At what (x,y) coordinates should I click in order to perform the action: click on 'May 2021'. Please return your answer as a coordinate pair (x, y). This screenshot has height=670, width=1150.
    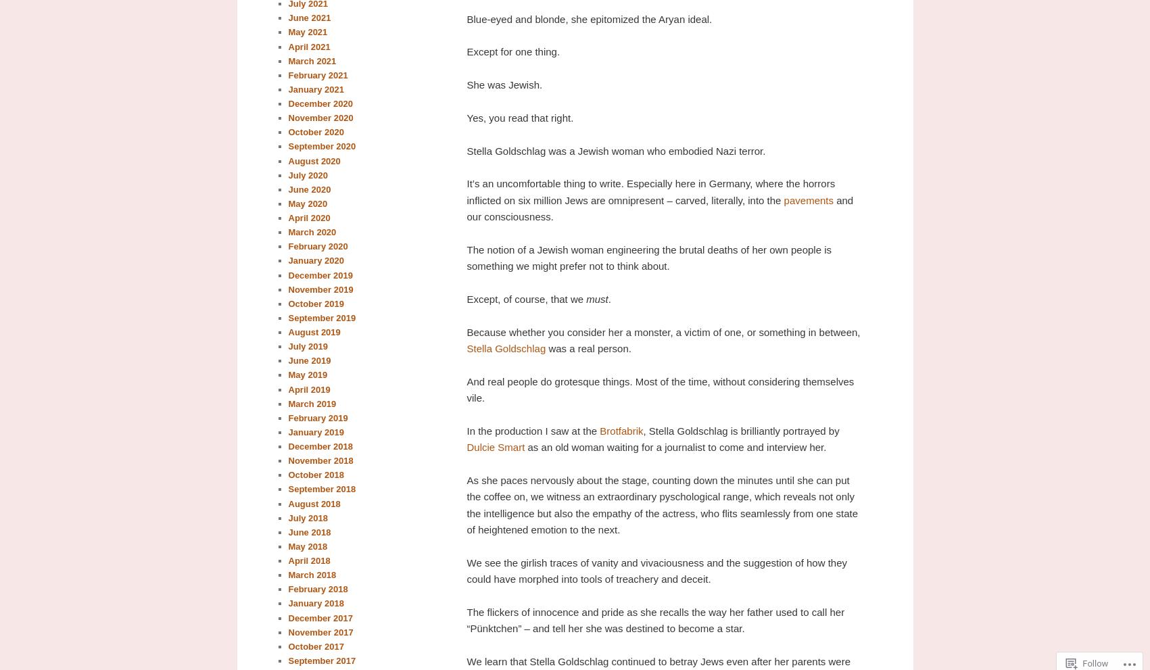
    Looking at the image, I should click on (307, 32).